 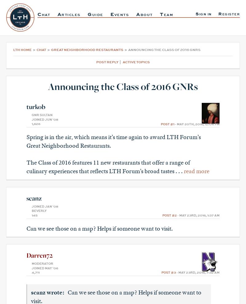 What do you see at coordinates (198, 215) in the screenshot?
I see `'- May 23rd, 2016, 1:37 am'` at bounding box center [198, 215].